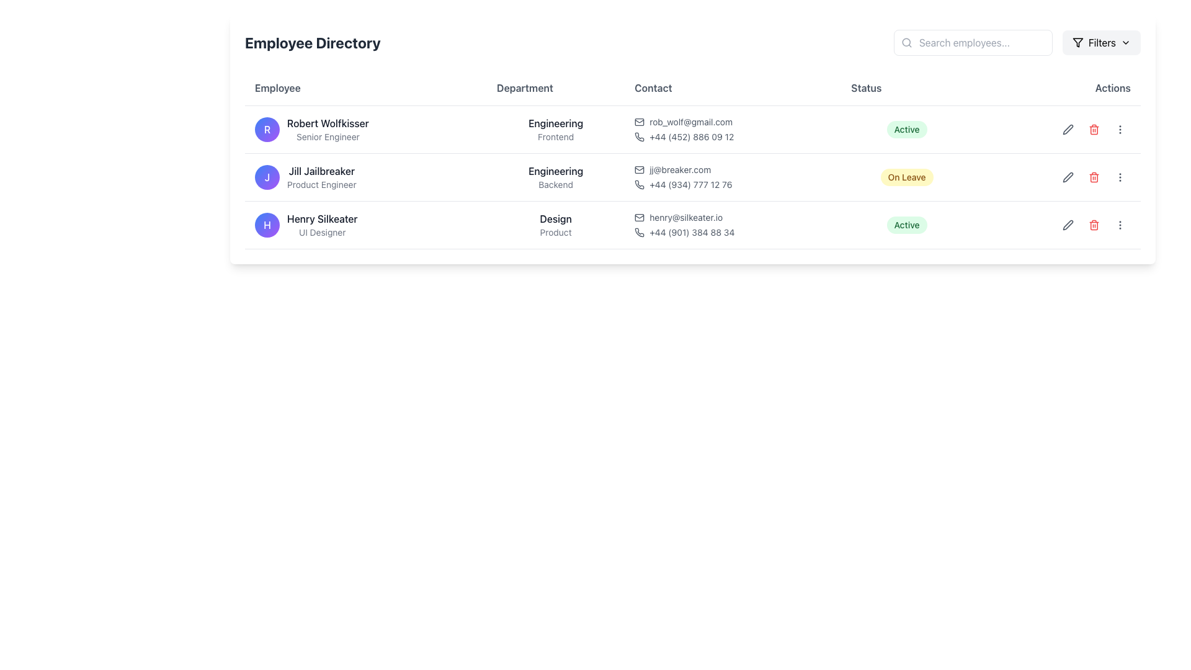 This screenshot has height=670, width=1191. What do you see at coordinates (1056, 177) in the screenshot?
I see `the small circular dot icon located to the right of the 'On Leave' status in the second row of the table` at bounding box center [1056, 177].